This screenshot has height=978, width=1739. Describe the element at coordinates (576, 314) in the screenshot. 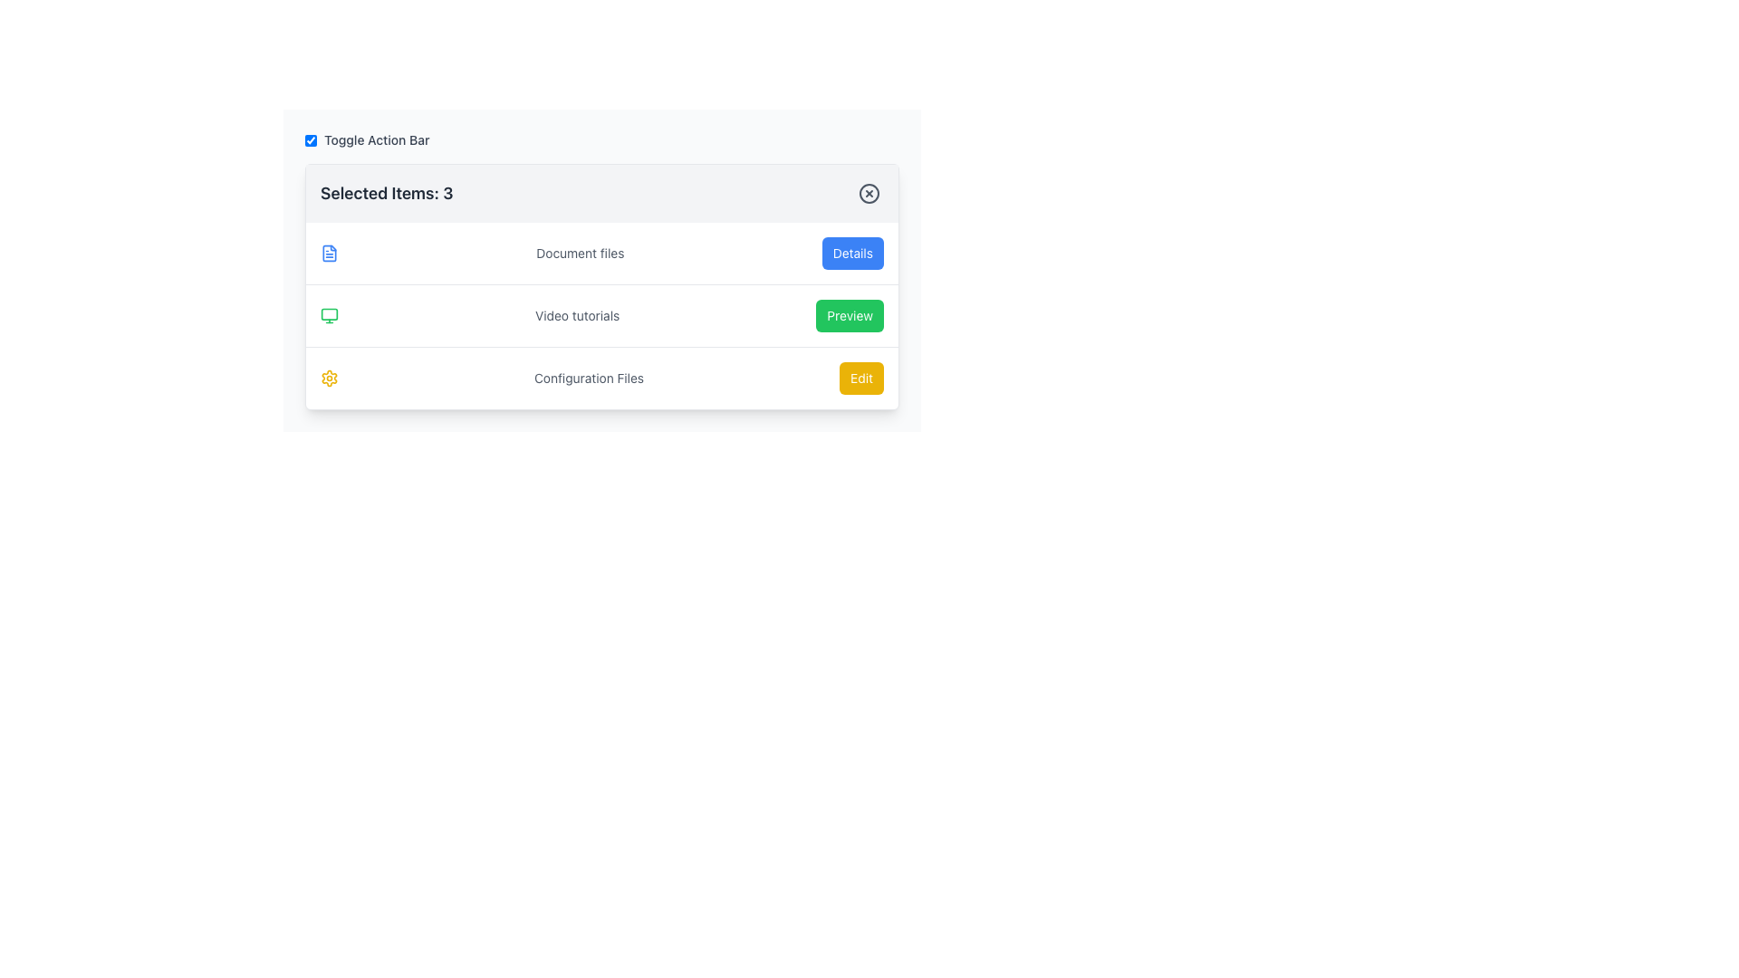

I see `the descriptive Text Label that indicates the type of content in the row, positioned between a green icon on the left and a green 'Preview' button on the right` at that location.